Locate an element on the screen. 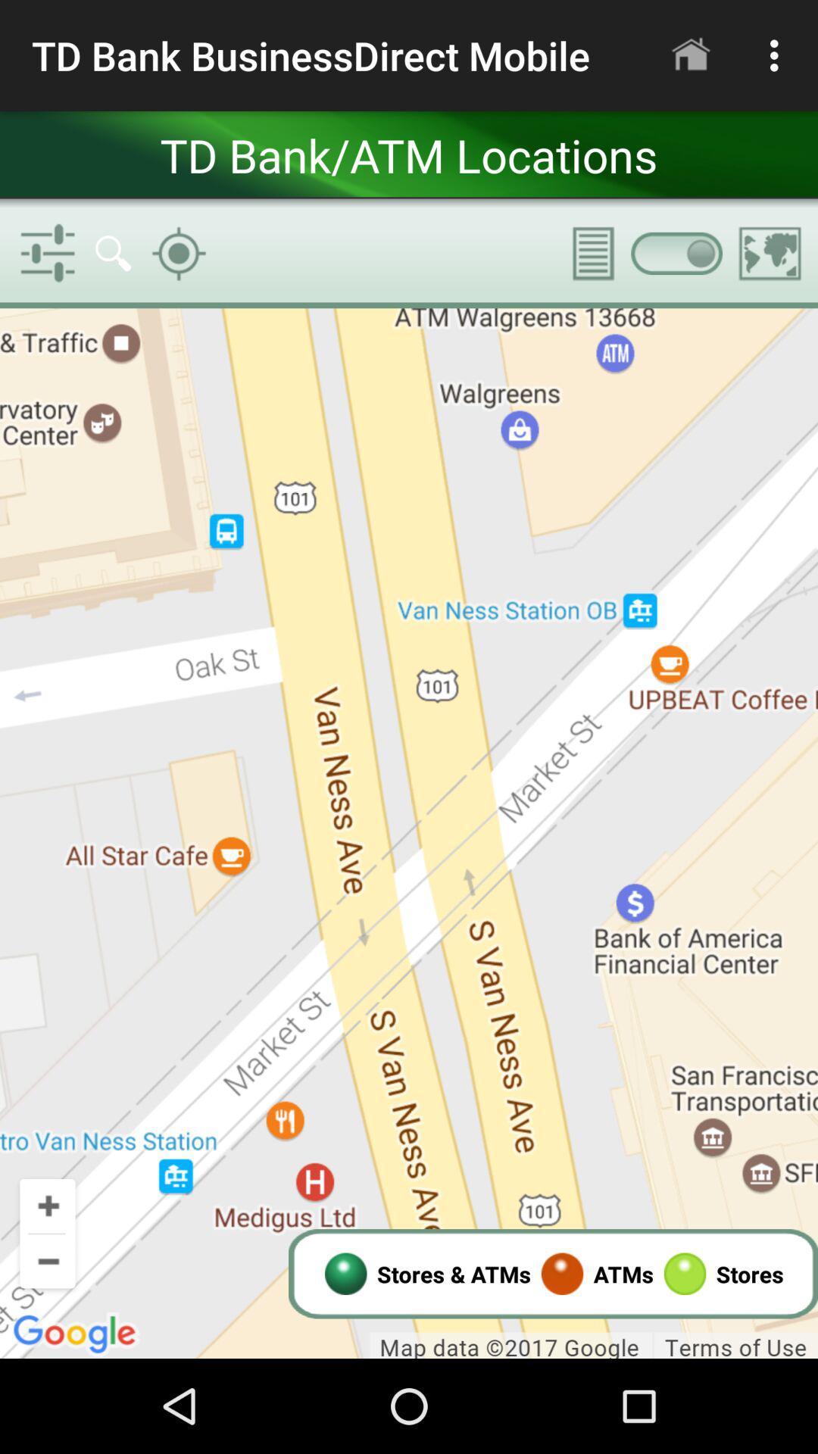 This screenshot has height=1454, width=818. home icon is located at coordinates (690, 55).